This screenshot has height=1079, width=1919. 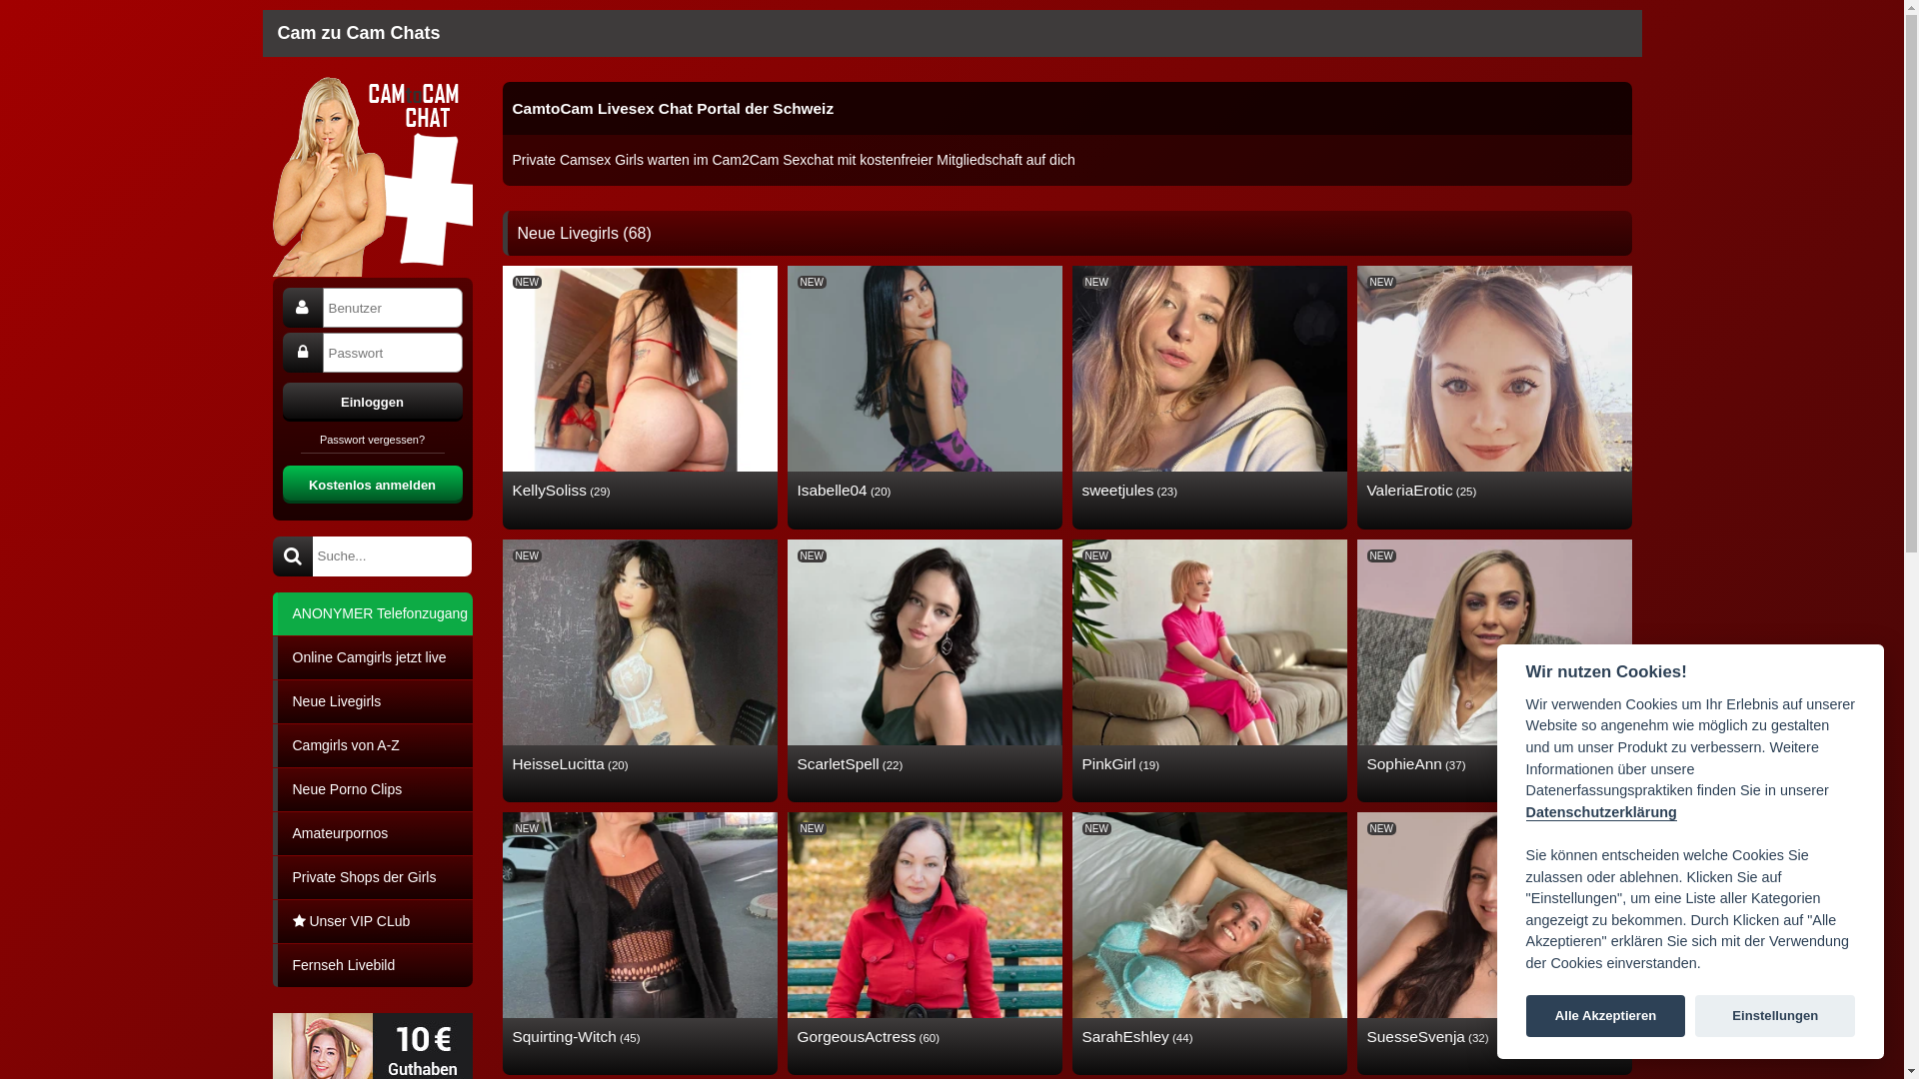 What do you see at coordinates (372, 442) in the screenshot?
I see `'Passwort vergessen?'` at bounding box center [372, 442].